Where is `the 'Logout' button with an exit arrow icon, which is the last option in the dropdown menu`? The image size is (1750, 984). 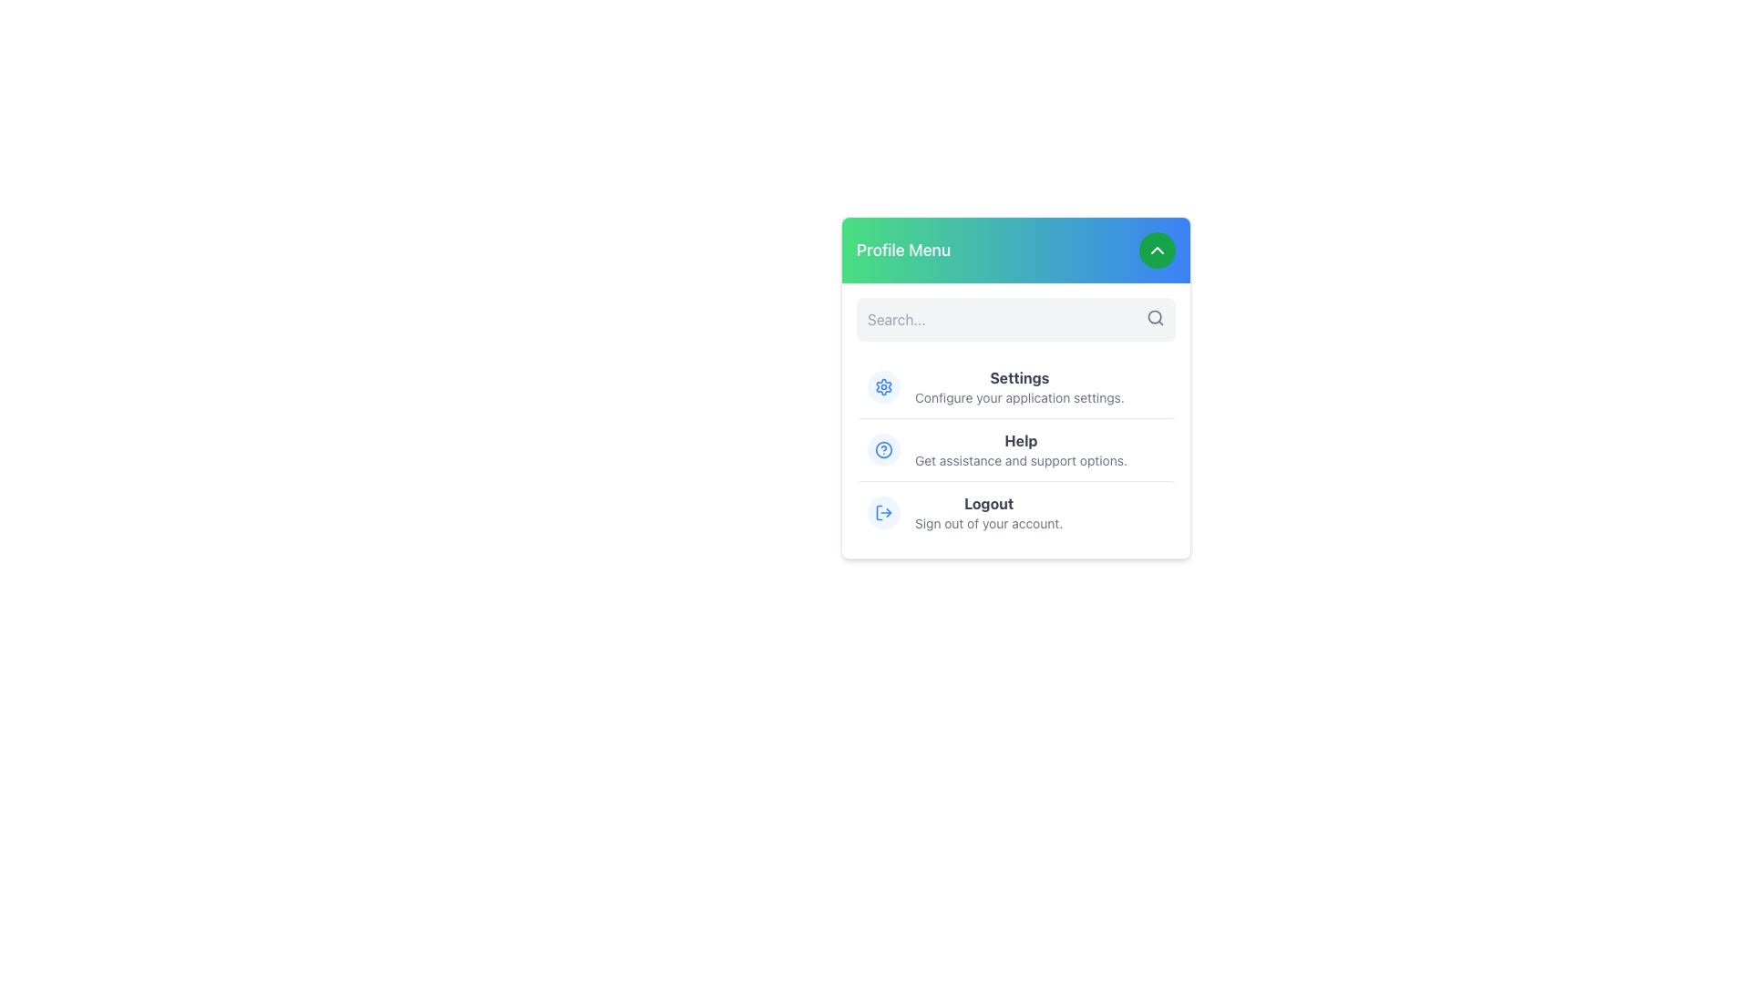
the 'Logout' button with an exit arrow icon, which is the last option in the dropdown menu is located at coordinates (1014, 512).